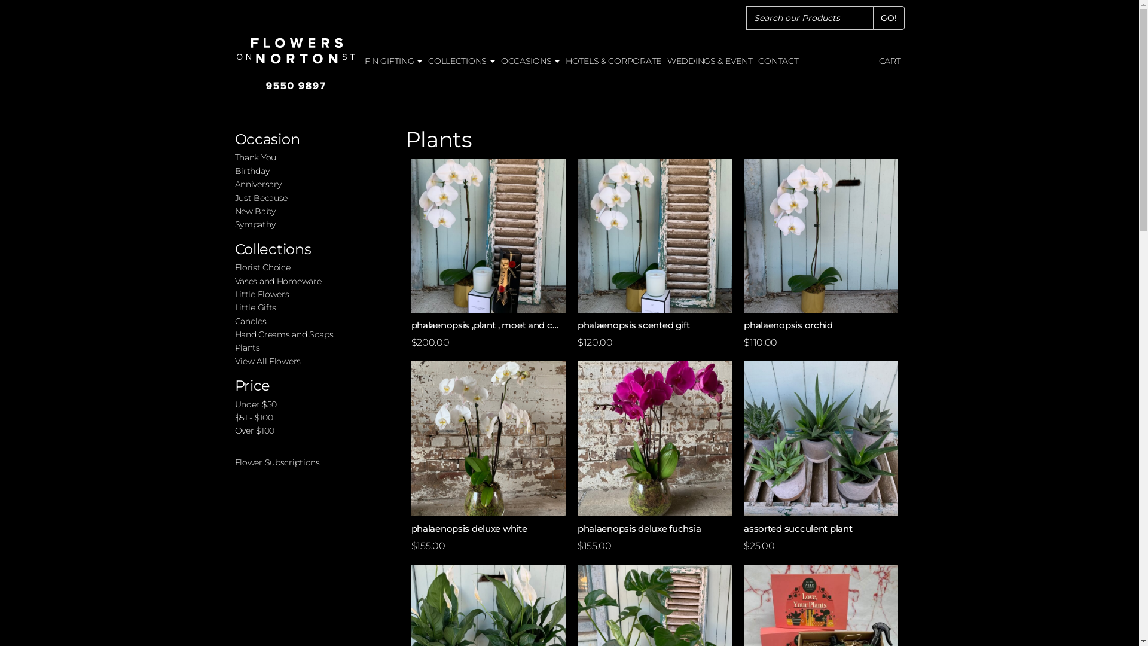  Describe the element at coordinates (254, 156) in the screenshot. I see `'Thank You'` at that location.